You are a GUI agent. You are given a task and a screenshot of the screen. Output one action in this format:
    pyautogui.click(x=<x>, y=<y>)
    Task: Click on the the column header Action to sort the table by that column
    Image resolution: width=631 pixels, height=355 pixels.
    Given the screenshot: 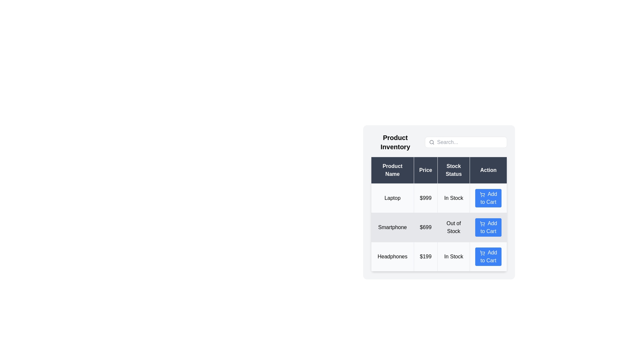 What is the action you would take?
    pyautogui.click(x=488, y=170)
    